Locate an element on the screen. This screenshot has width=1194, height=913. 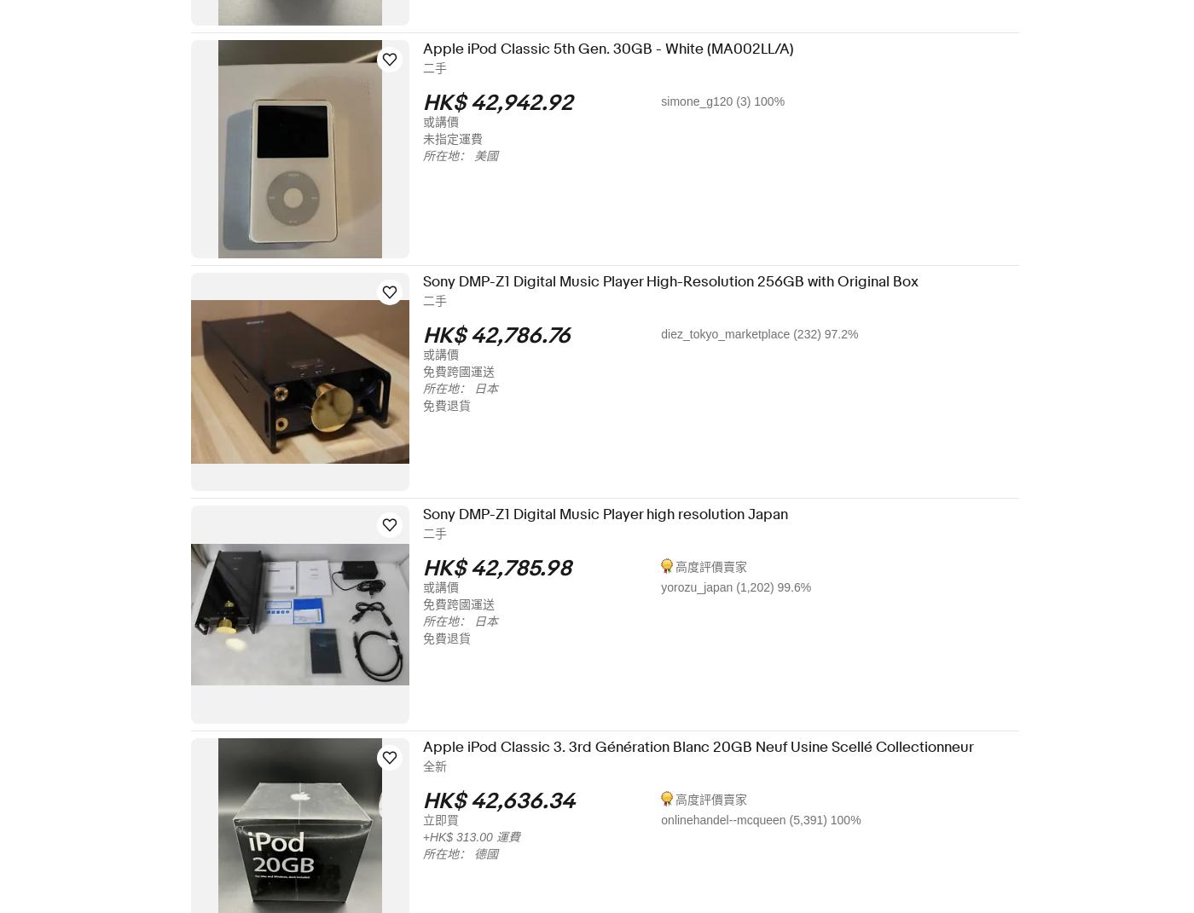
'Apple iPod Classic 3. 3rd Génération Blanc 20GB Neuf Usine Scellé Collectionneur' is located at coordinates (433, 747).